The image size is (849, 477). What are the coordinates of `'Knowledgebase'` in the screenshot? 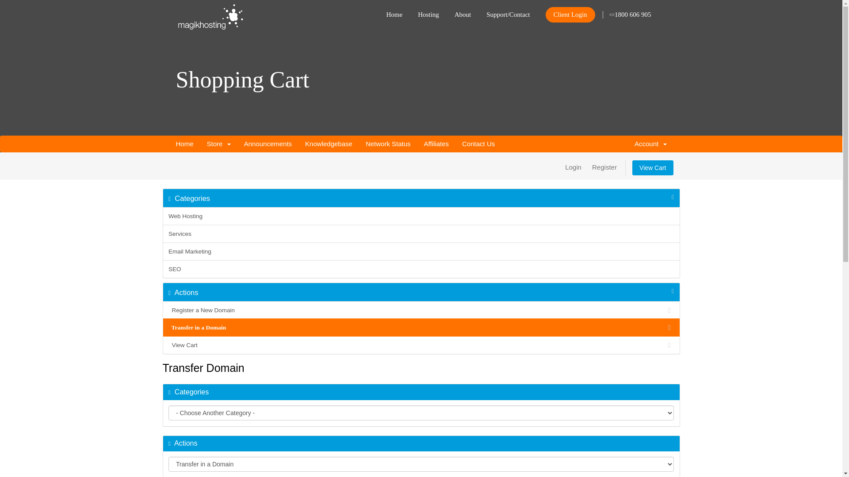 It's located at (328, 144).